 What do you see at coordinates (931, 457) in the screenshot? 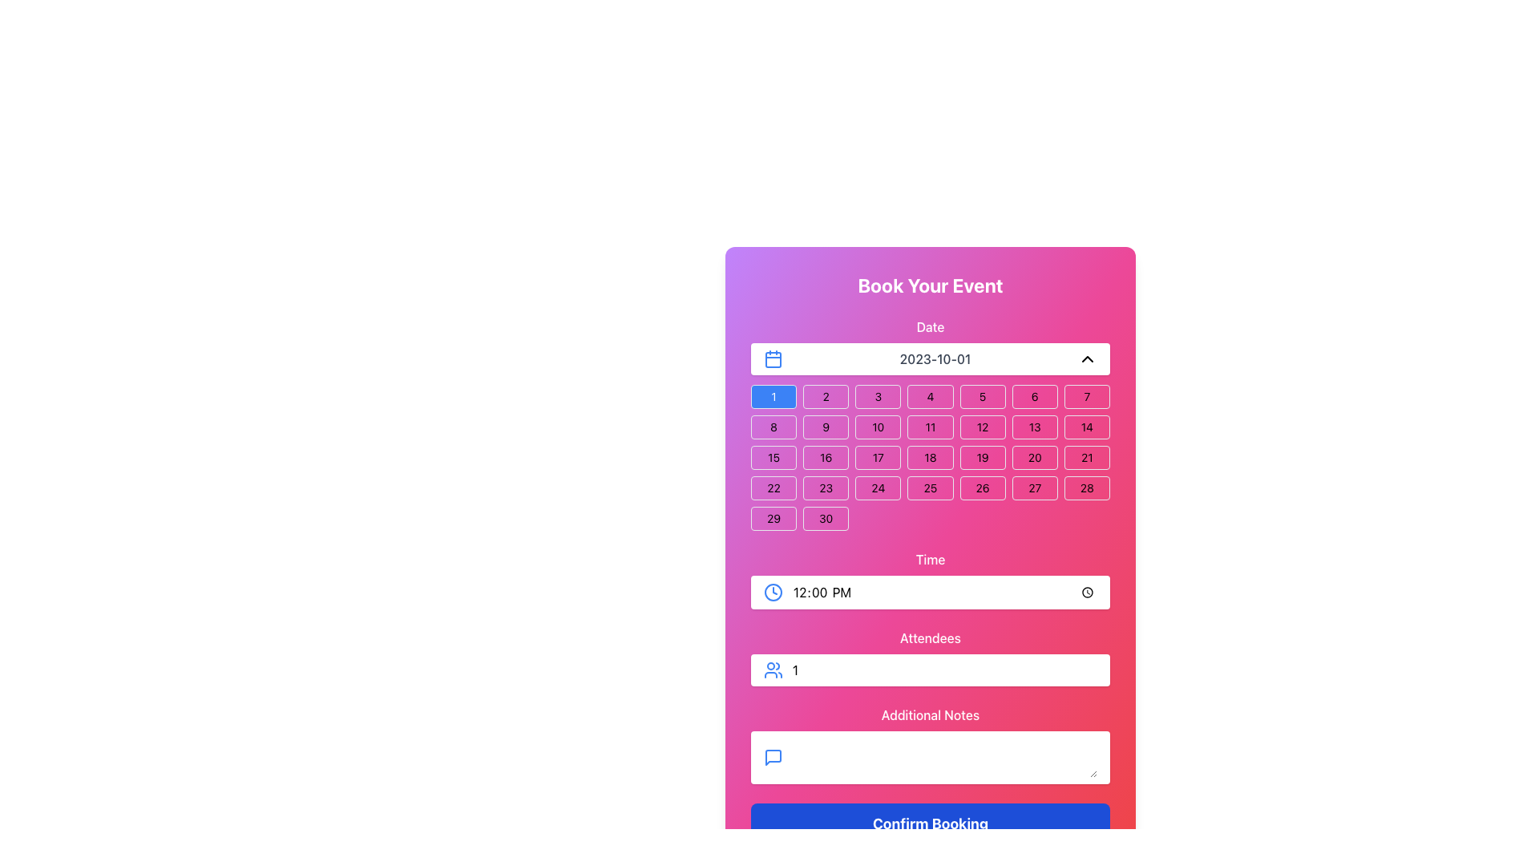
I see `the button representing the date '18' in the calendar` at bounding box center [931, 457].